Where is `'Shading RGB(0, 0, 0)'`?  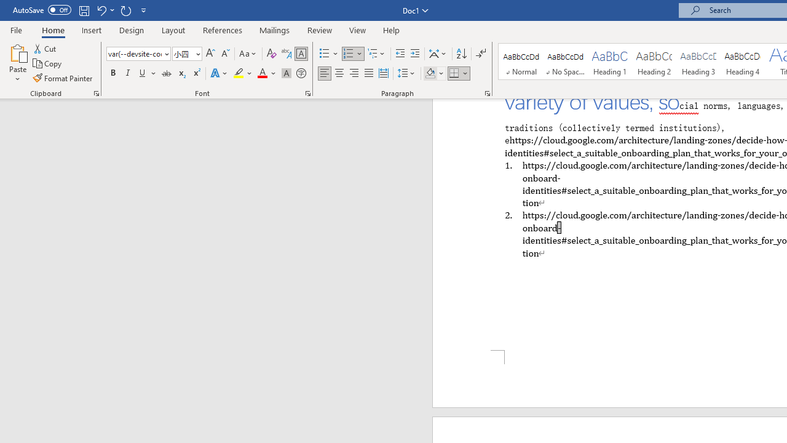
'Shading RGB(0, 0, 0)' is located at coordinates (430, 73).